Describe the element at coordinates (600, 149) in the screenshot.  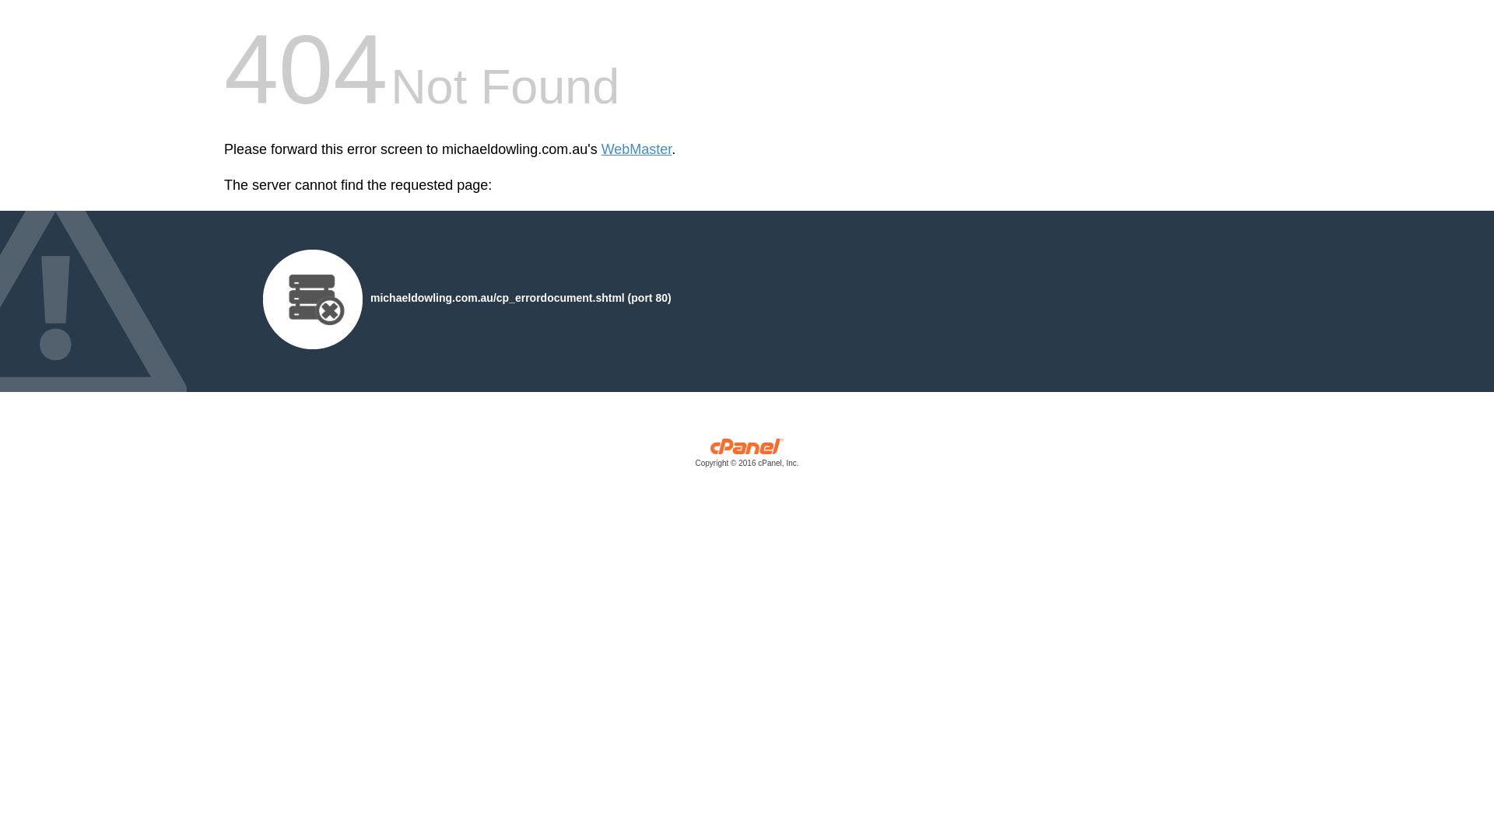
I see `'WebMaster'` at that location.